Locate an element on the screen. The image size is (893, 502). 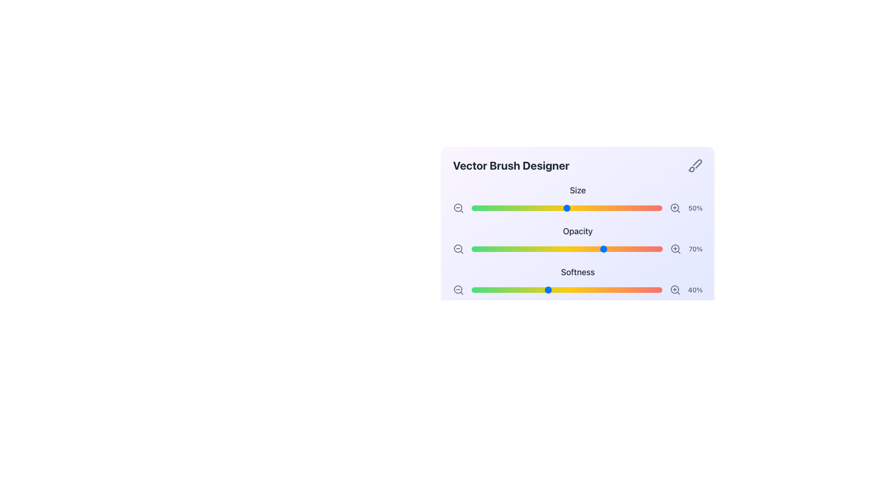
opacity is located at coordinates (568, 249).